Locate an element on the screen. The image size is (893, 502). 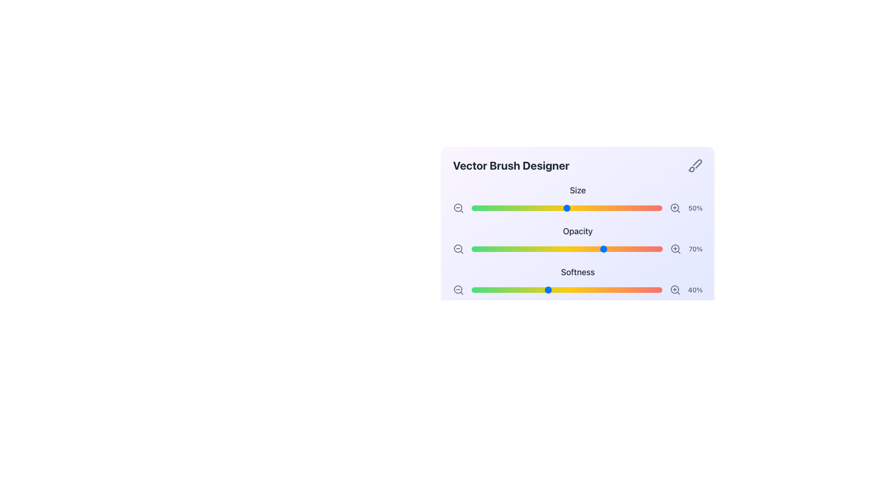
opacity is located at coordinates (568, 249).